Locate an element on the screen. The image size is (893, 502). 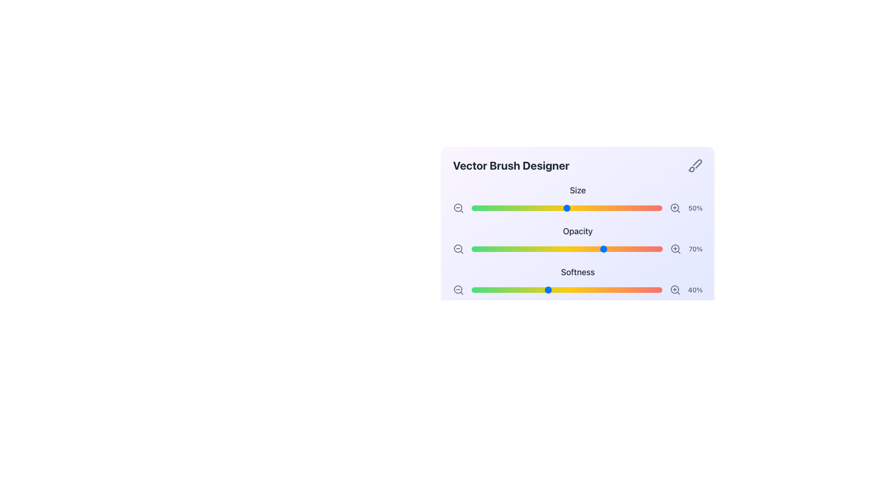
opacity is located at coordinates (568, 249).